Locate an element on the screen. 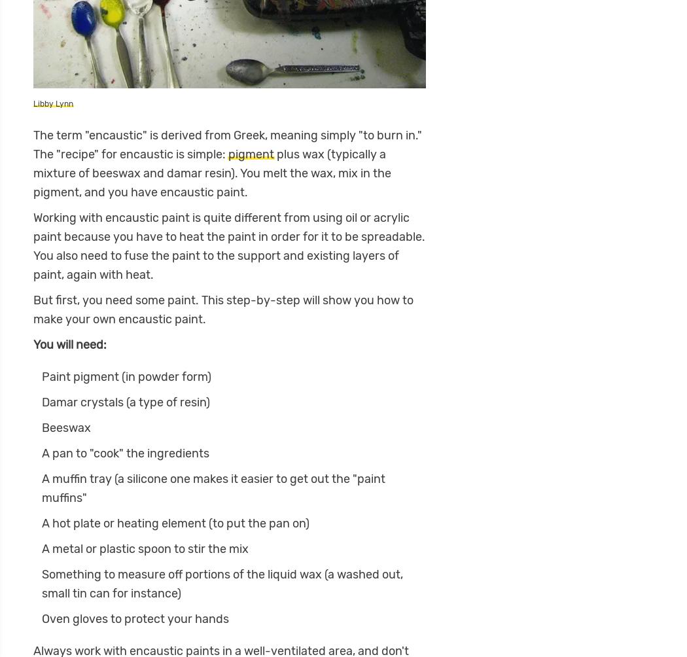 This screenshot has height=657, width=687. 'A pan to "cook" the ingredients' is located at coordinates (41, 452).